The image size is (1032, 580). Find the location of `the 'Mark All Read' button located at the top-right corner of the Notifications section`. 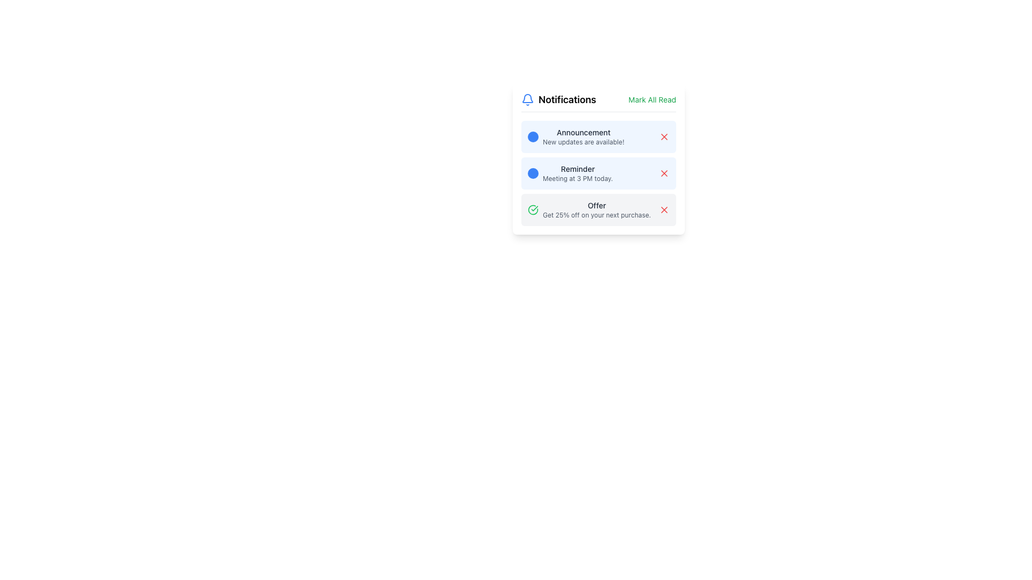

the 'Mark All Read' button located at the top-right corner of the Notifications section is located at coordinates (651, 99).